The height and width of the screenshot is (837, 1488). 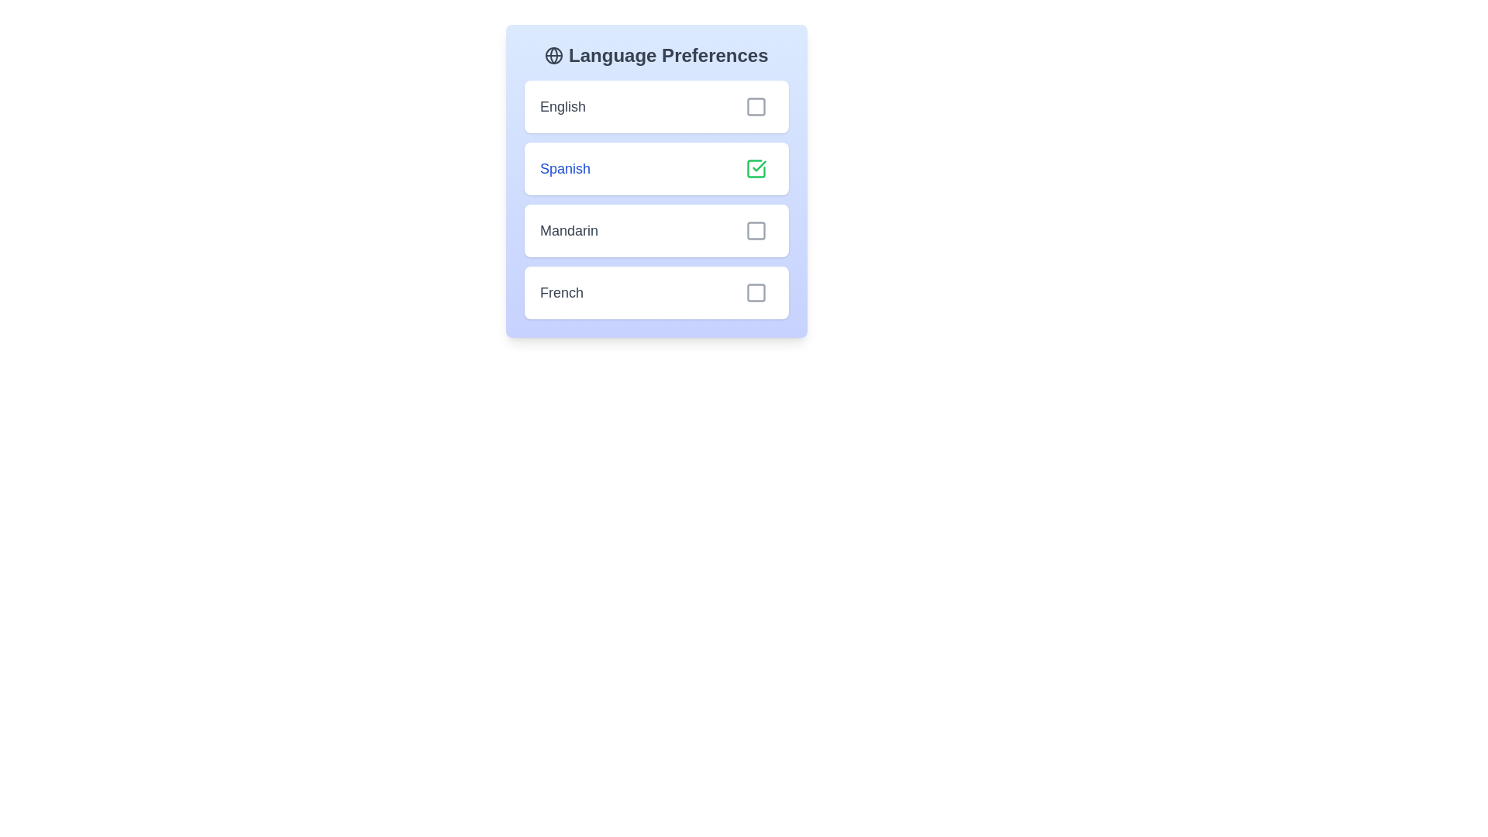 What do you see at coordinates (756, 293) in the screenshot?
I see `the unfilled square toggle button located to the right of the 'French' label` at bounding box center [756, 293].